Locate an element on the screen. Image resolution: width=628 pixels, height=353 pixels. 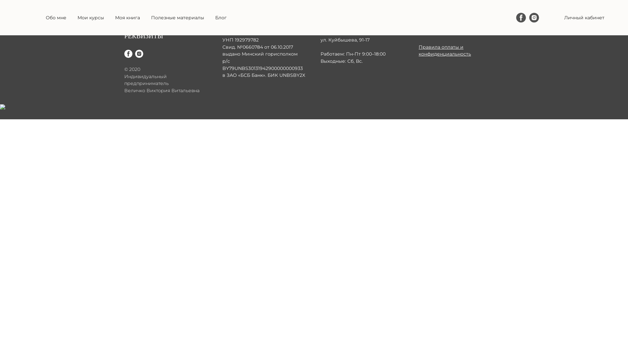
'Facebook' is located at coordinates (521, 17).